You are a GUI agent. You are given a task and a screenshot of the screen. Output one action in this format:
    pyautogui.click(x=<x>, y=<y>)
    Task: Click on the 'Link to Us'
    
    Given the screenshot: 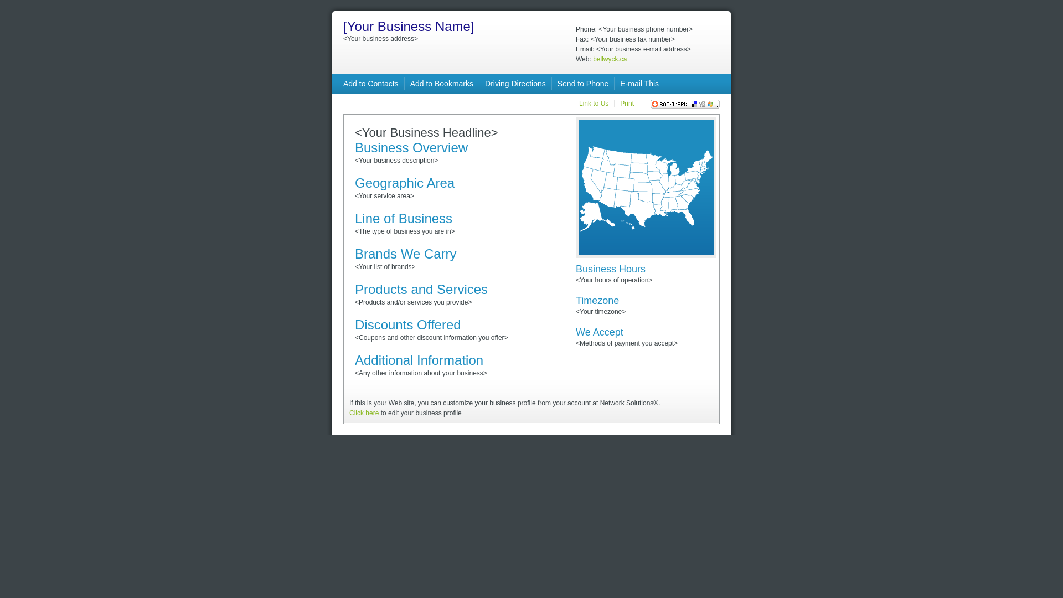 What is the action you would take?
    pyautogui.click(x=579, y=103)
    